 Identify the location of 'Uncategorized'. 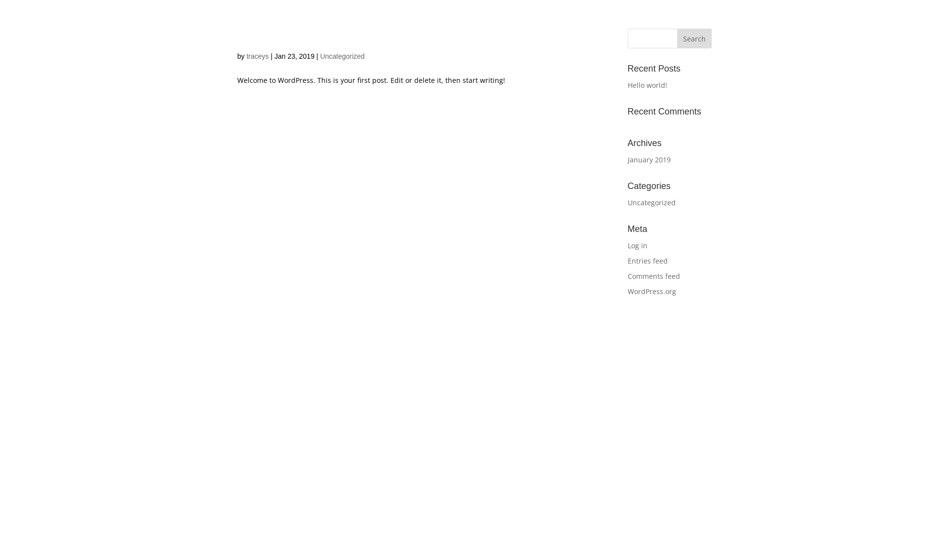
(651, 202).